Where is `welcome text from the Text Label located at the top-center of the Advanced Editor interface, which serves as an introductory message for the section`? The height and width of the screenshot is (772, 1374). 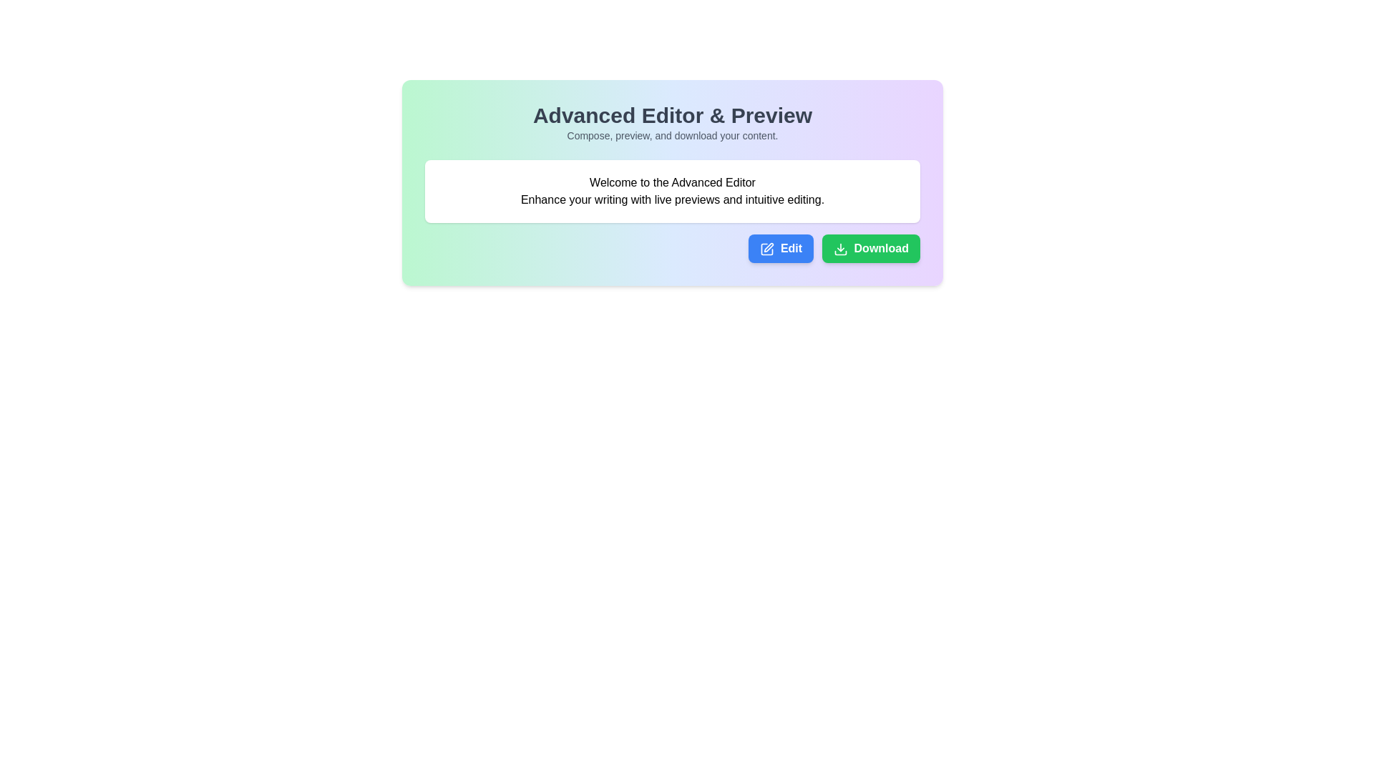 welcome text from the Text Label located at the top-center of the Advanced Editor interface, which serves as an introductory message for the section is located at coordinates (672, 182).